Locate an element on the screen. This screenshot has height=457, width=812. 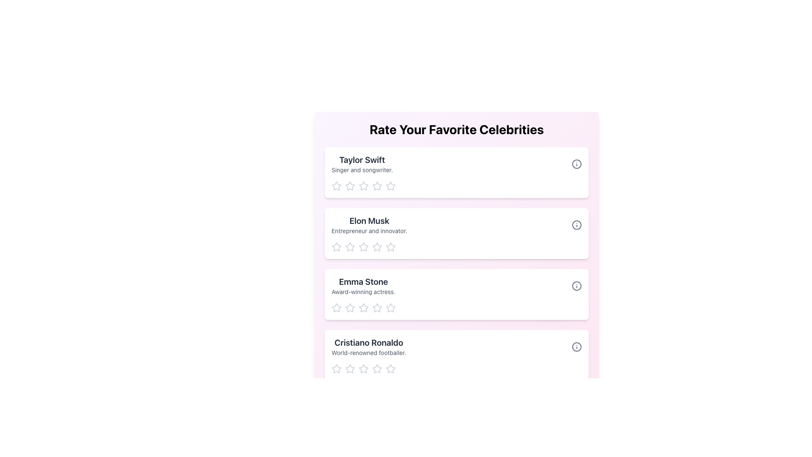
the descriptive text block containing the title 'Cristiano Ronaldo' and subtitle 'World-renowned footballer', which is the last entry in a vertically stacked list is located at coordinates (369, 347).